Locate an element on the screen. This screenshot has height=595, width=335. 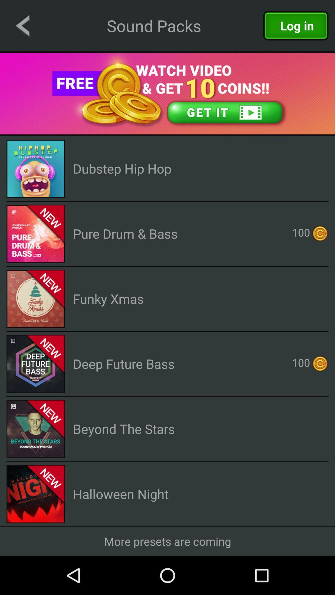
open advertisement is located at coordinates (167, 93).